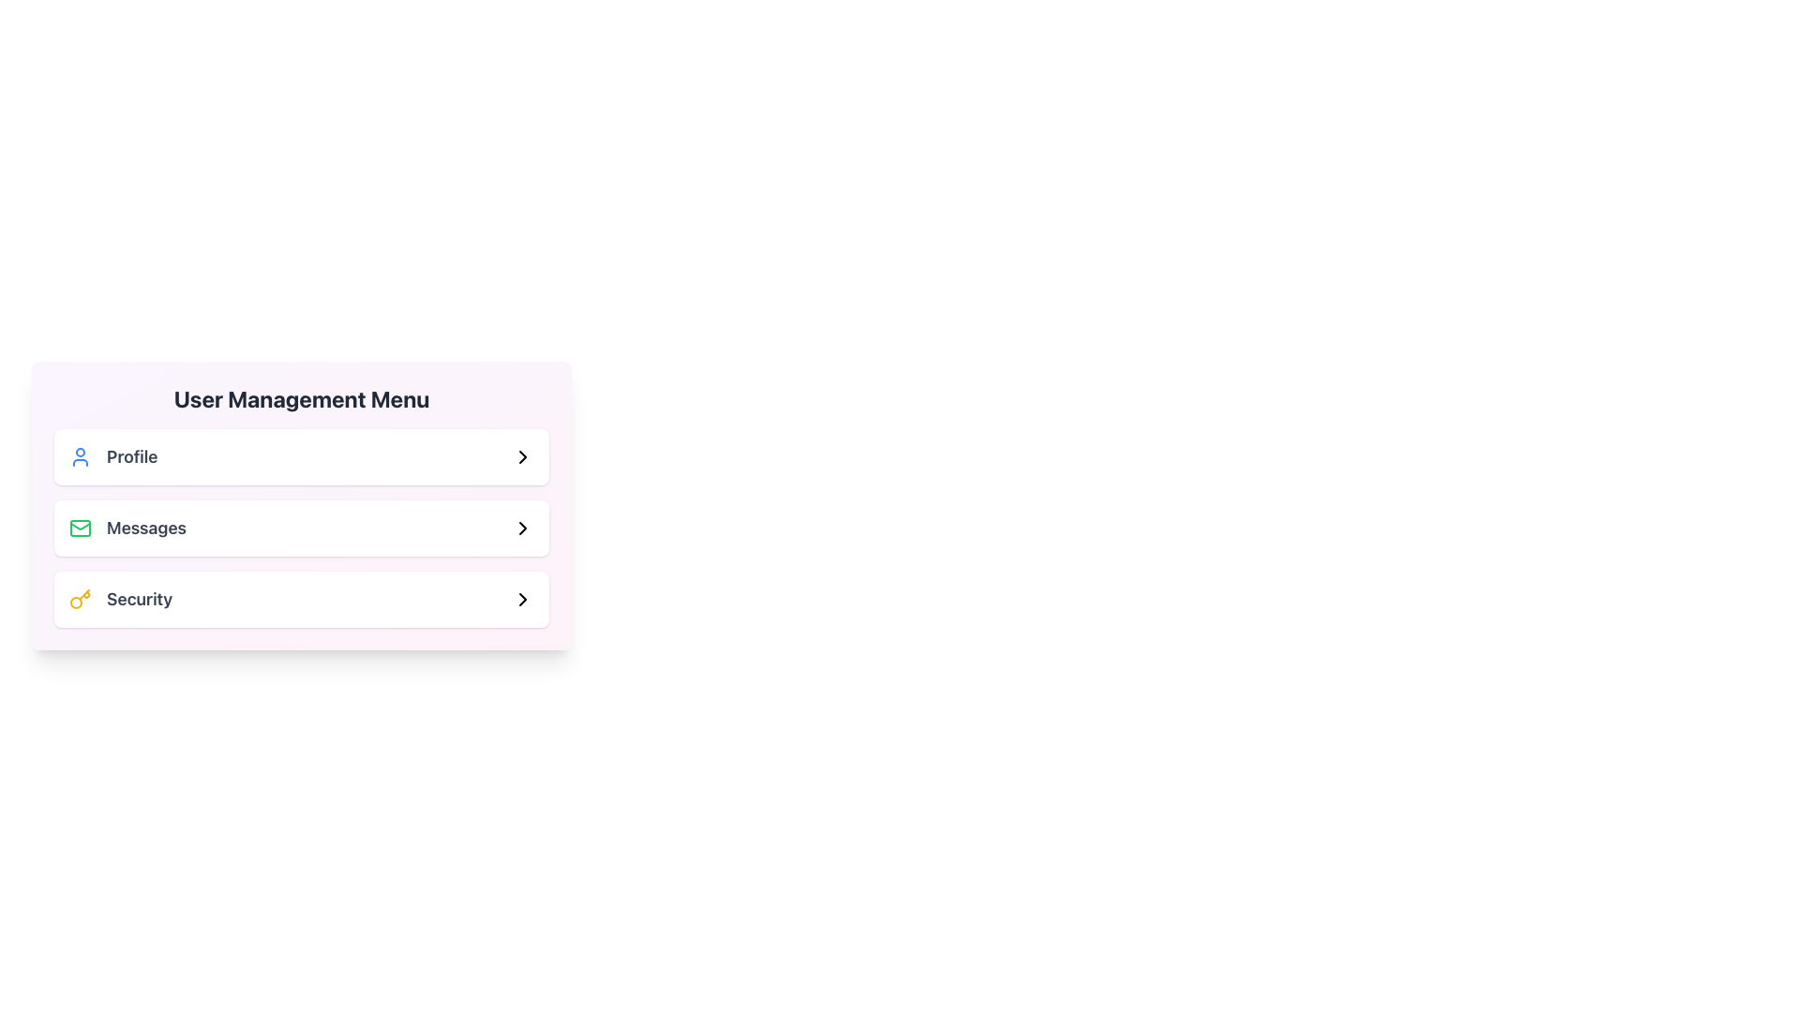 The image size is (1800, 1012). Describe the element at coordinates (522, 528) in the screenshot. I see `the right-facing chevron icon located at the far right side of the 'Messages' menu item in the 'User Management Menu'` at that location.